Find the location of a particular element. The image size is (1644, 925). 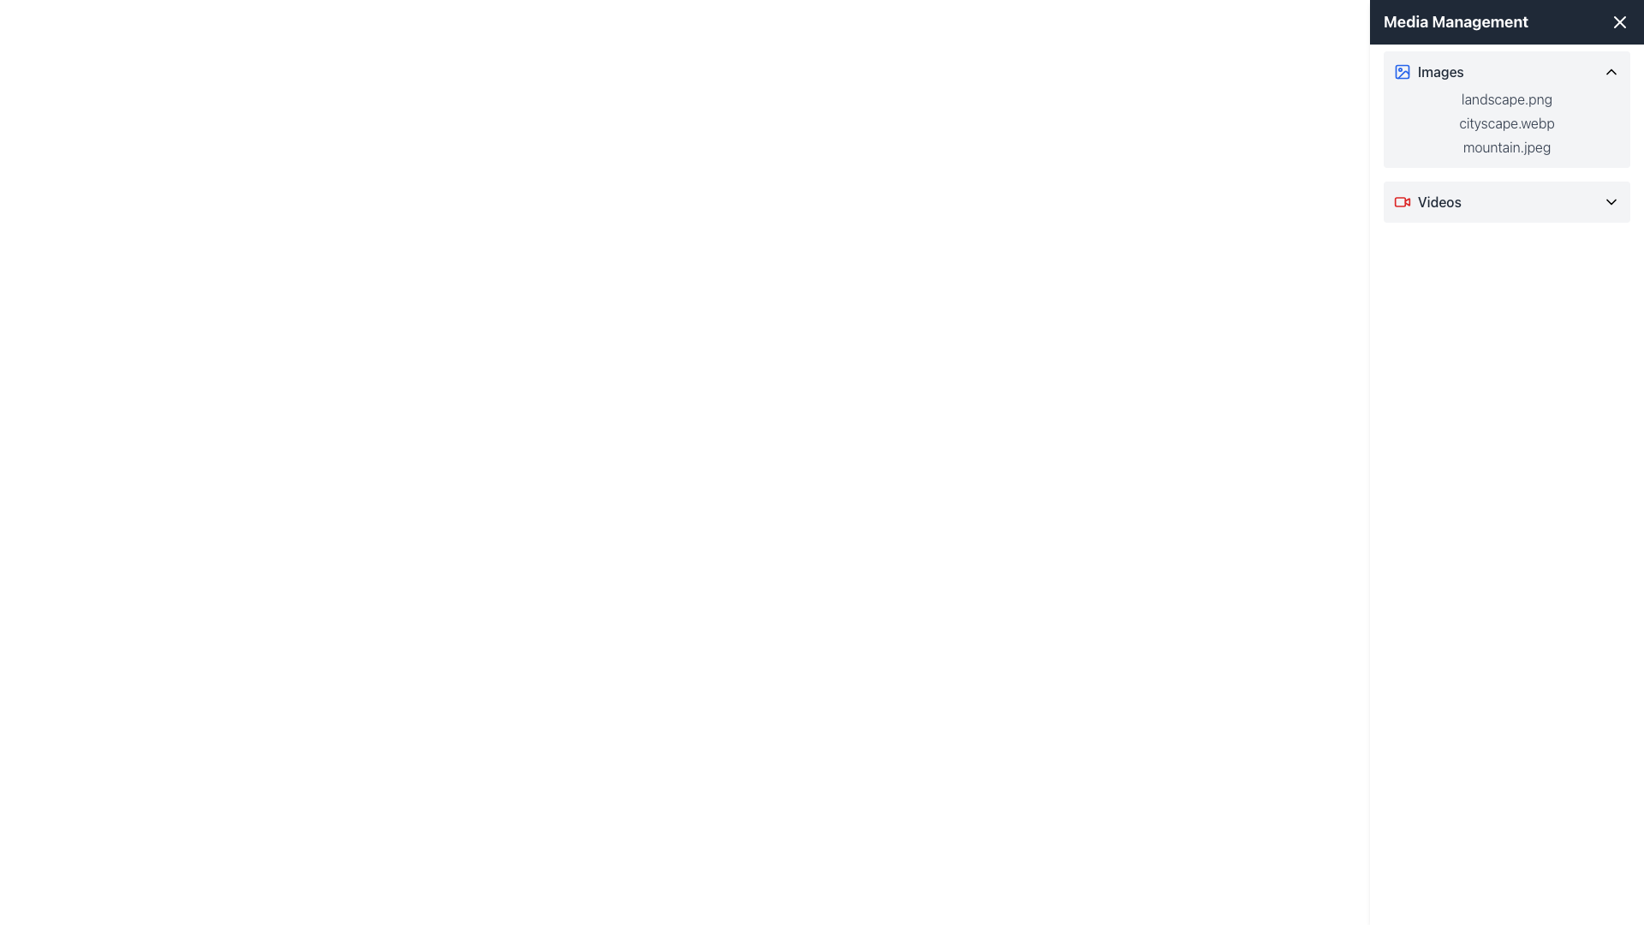

the 'Images' label with the blue icon in the Media Management panel to interact with the image files section is located at coordinates (1428, 71).